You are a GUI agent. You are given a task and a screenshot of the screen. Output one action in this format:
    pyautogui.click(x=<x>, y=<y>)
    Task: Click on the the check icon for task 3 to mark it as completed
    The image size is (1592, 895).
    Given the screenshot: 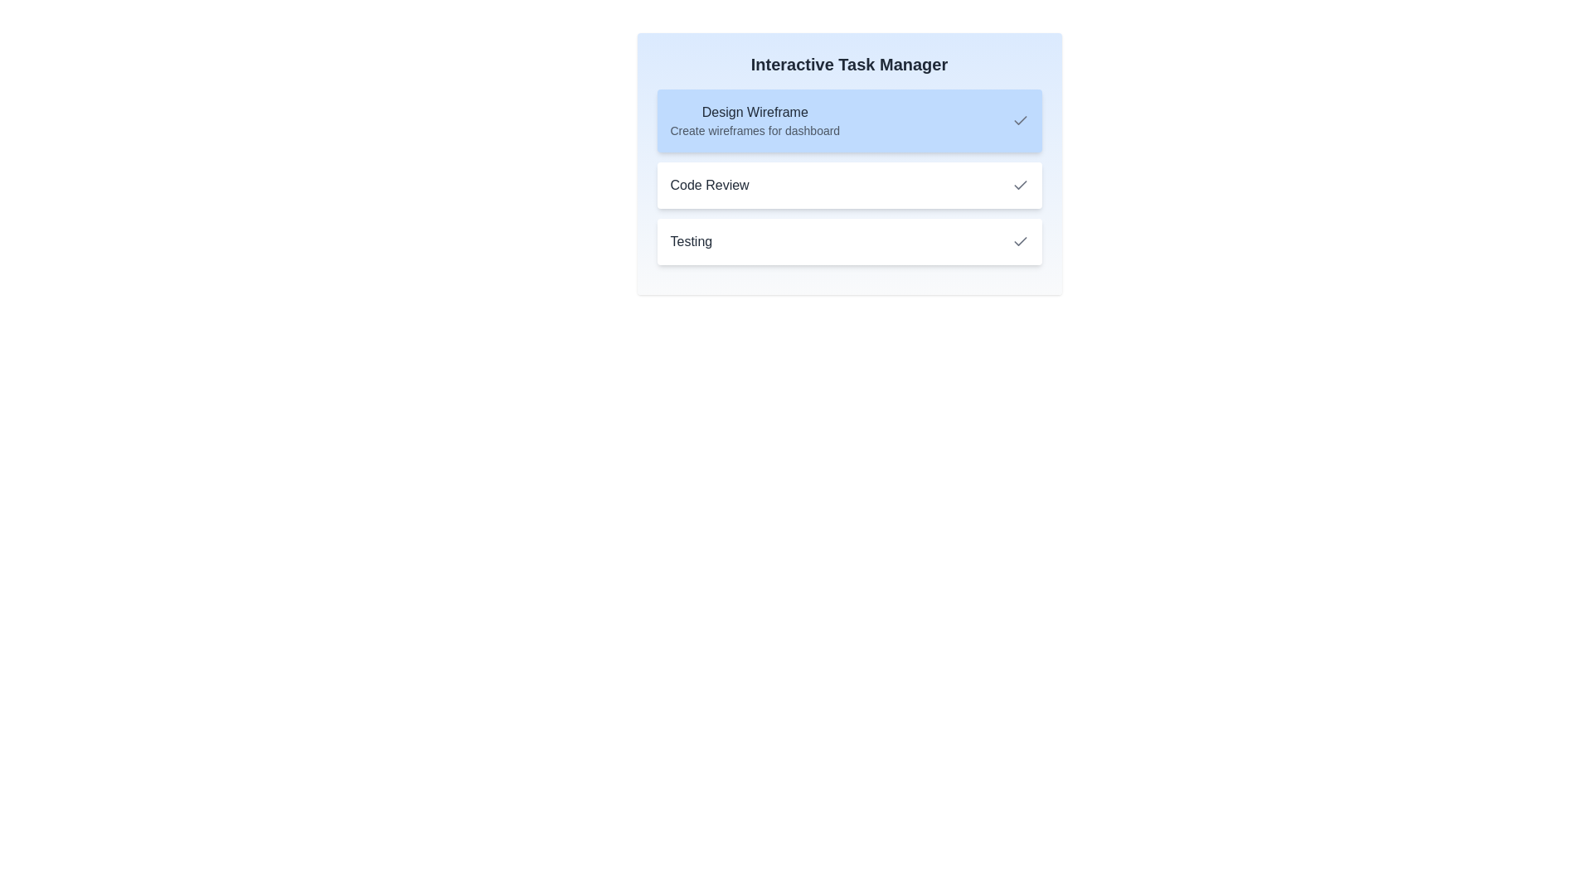 What is the action you would take?
    pyautogui.click(x=1019, y=242)
    